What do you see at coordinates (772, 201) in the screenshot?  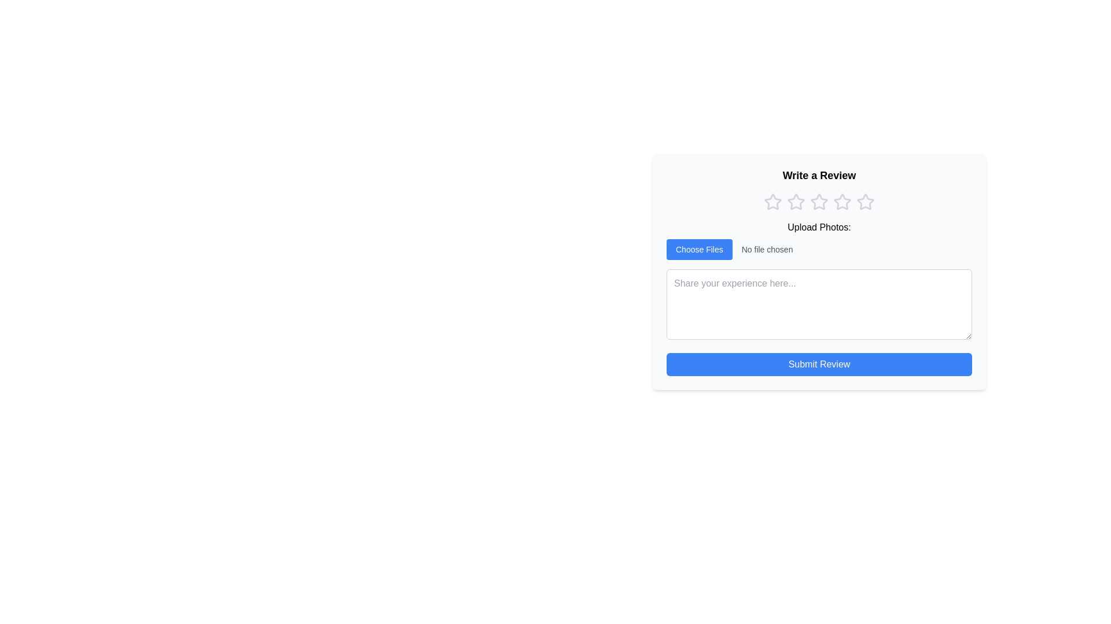 I see `the first star in the row of five rating stars` at bounding box center [772, 201].